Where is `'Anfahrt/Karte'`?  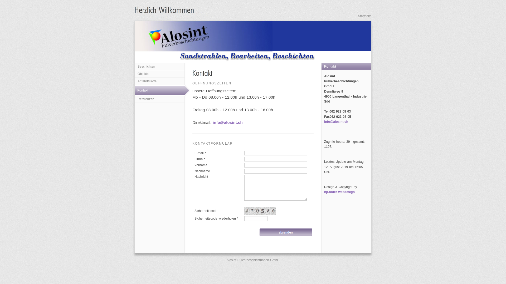 'Anfahrt/Karte' is located at coordinates (159, 81).